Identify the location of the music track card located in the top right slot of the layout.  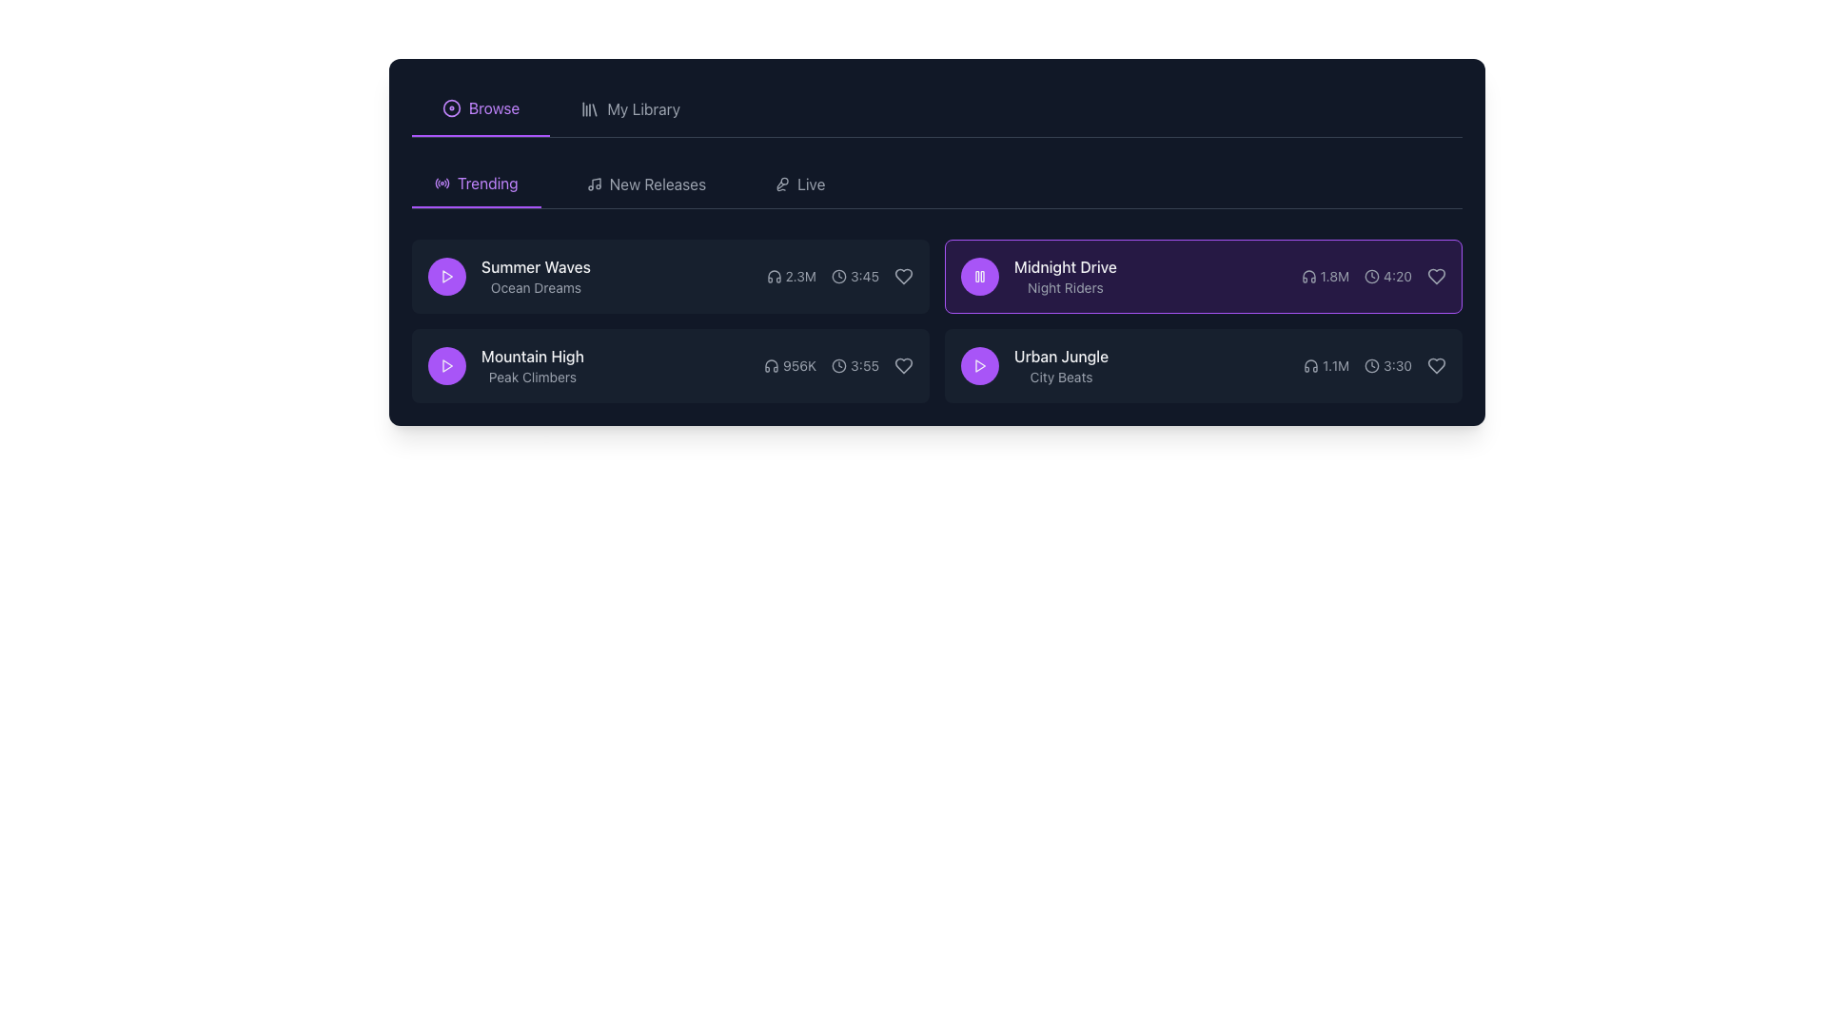
(1203, 276).